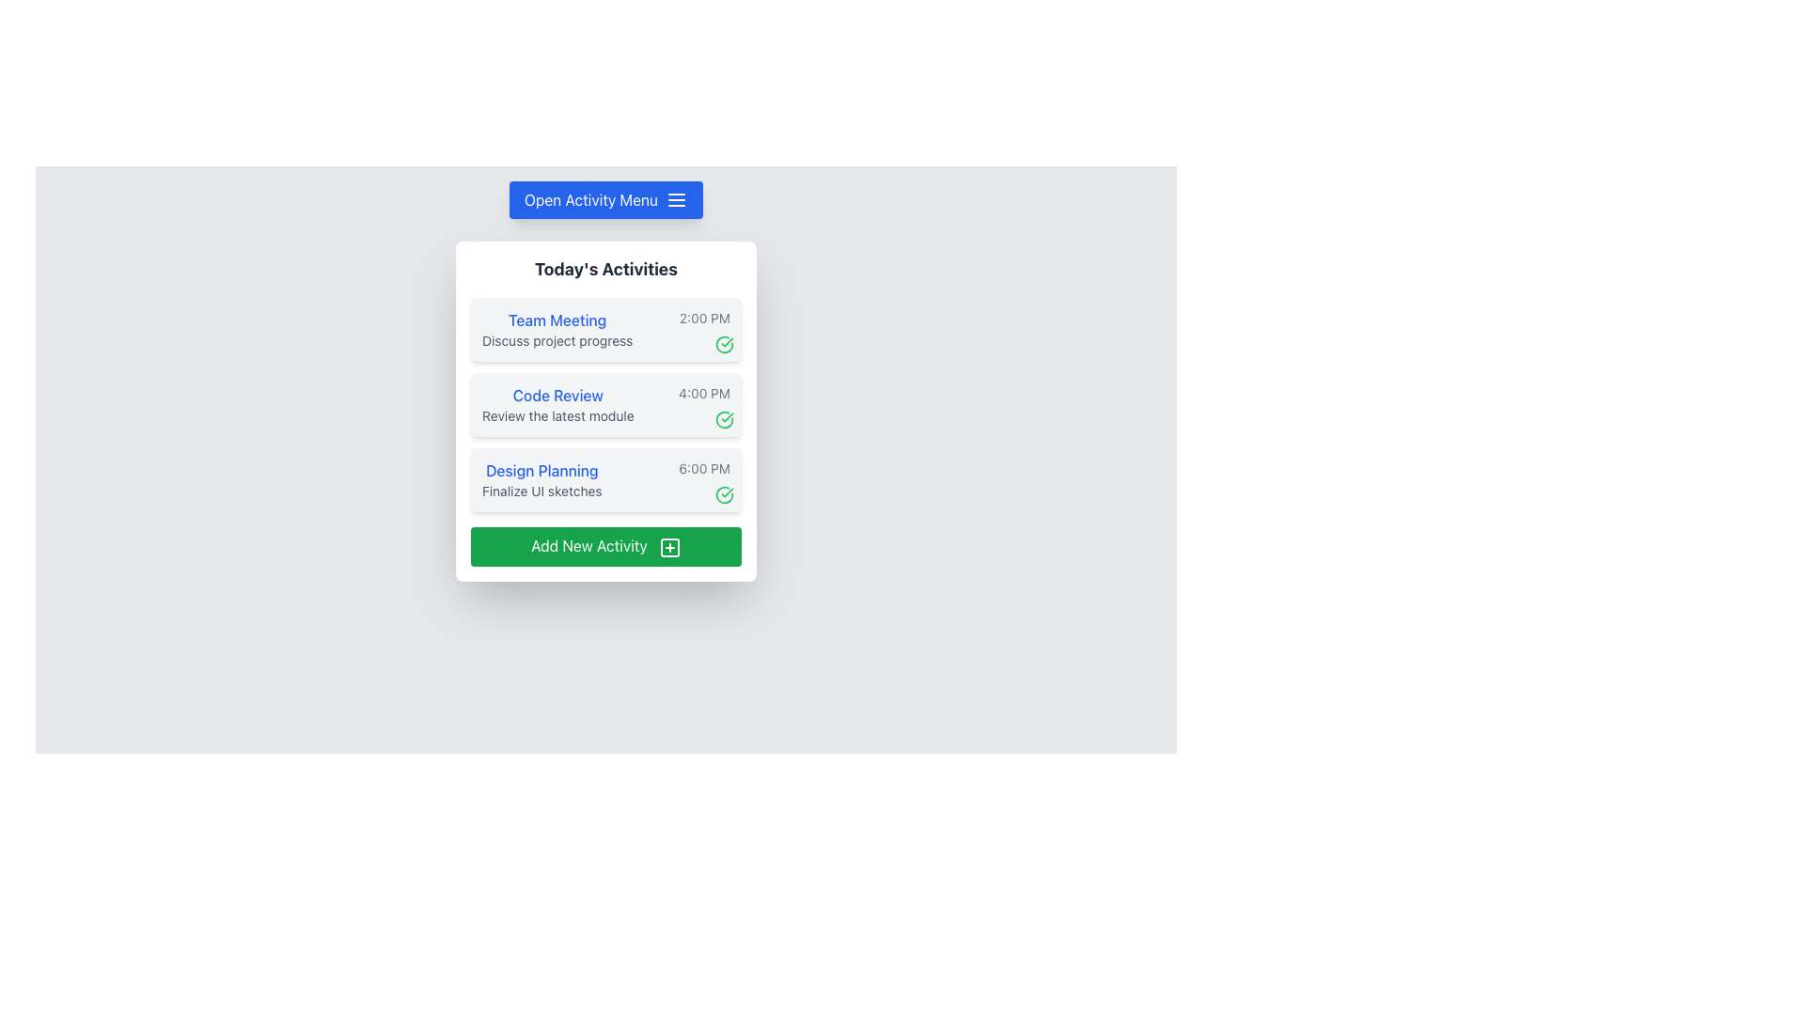  What do you see at coordinates (557, 319) in the screenshot?
I see `text label reading 'Team Meeting', which is styled with medium-weight font and blue color, located within the activities panel under 'Today's Activities'` at bounding box center [557, 319].